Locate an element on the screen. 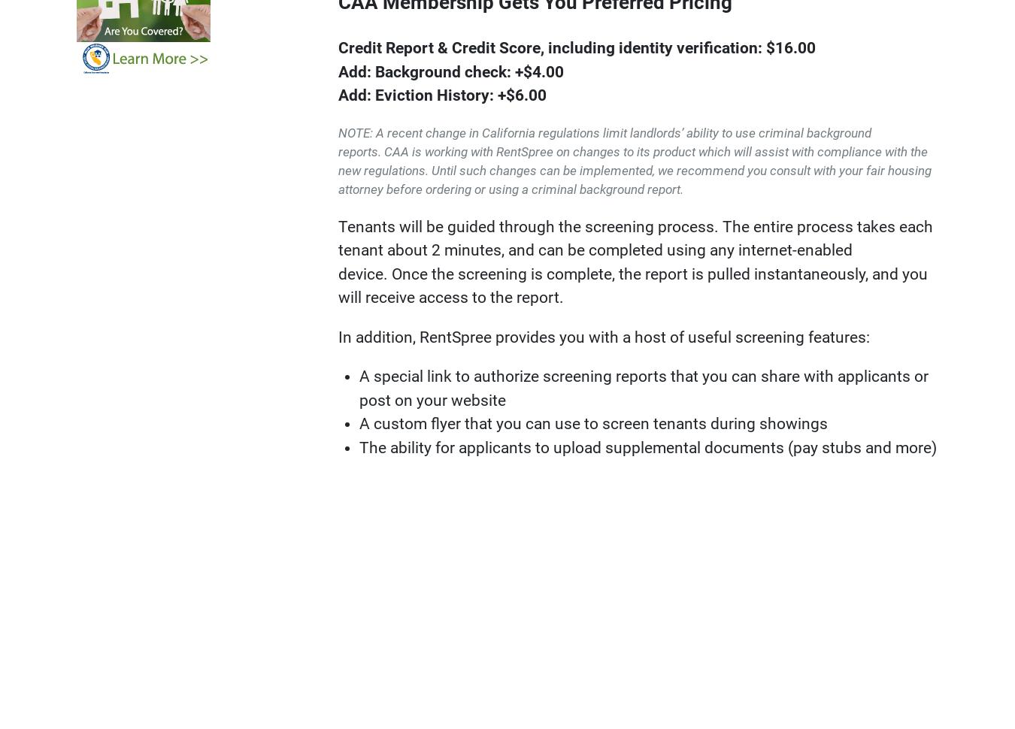 The width and height of the screenshot is (1015, 729). 'Sacramento, CA 95814' is located at coordinates (696, 647).